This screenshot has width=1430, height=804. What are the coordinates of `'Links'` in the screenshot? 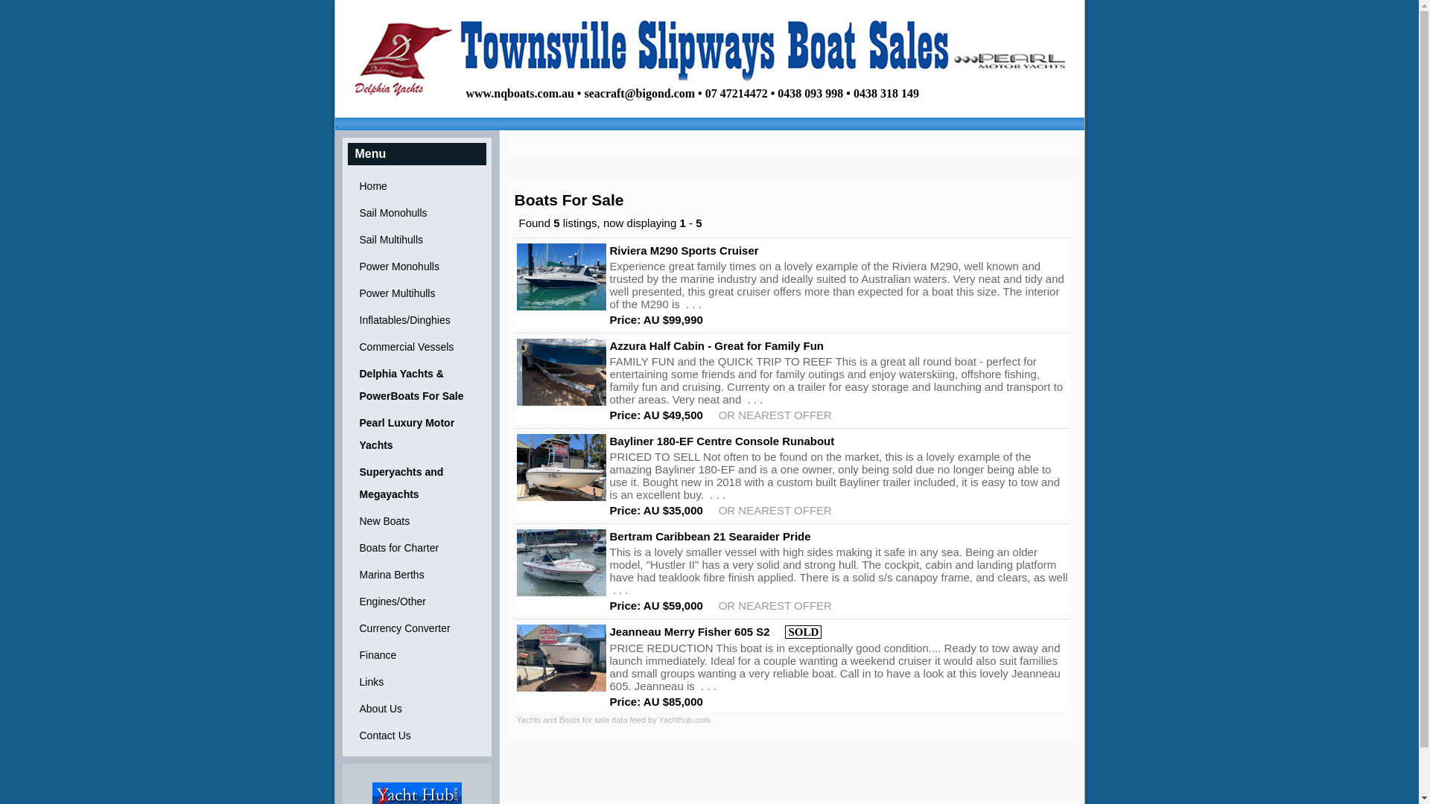 It's located at (417, 681).